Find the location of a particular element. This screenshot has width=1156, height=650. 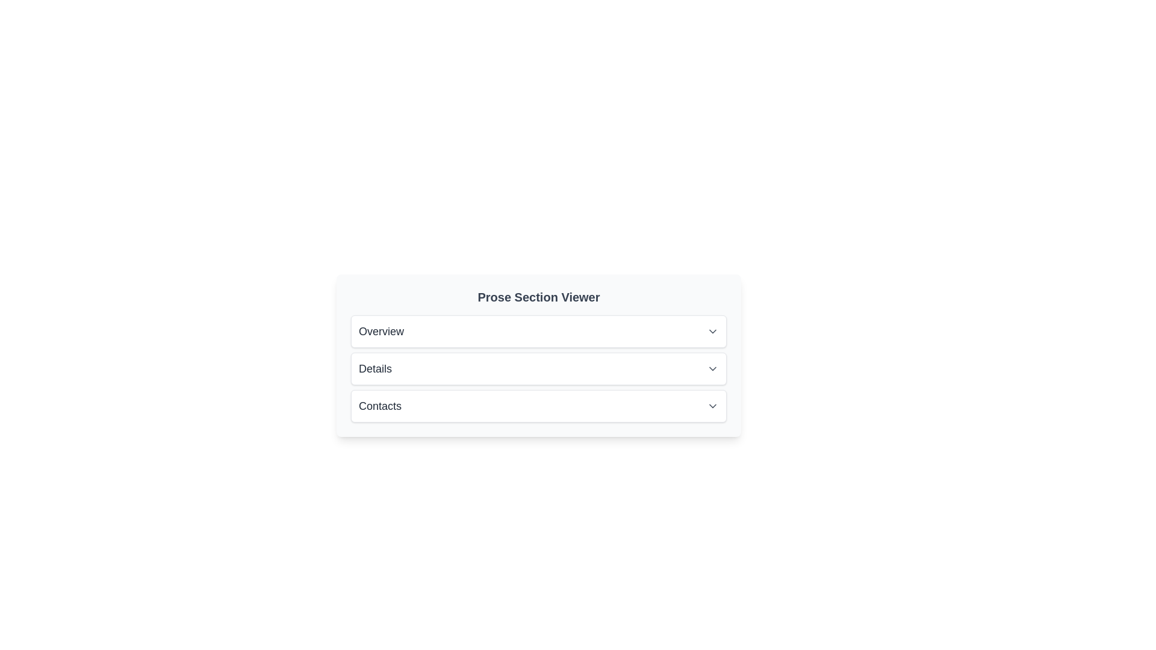

the downward-facing chevron icon next to the 'Overview' label is located at coordinates (713, 332).